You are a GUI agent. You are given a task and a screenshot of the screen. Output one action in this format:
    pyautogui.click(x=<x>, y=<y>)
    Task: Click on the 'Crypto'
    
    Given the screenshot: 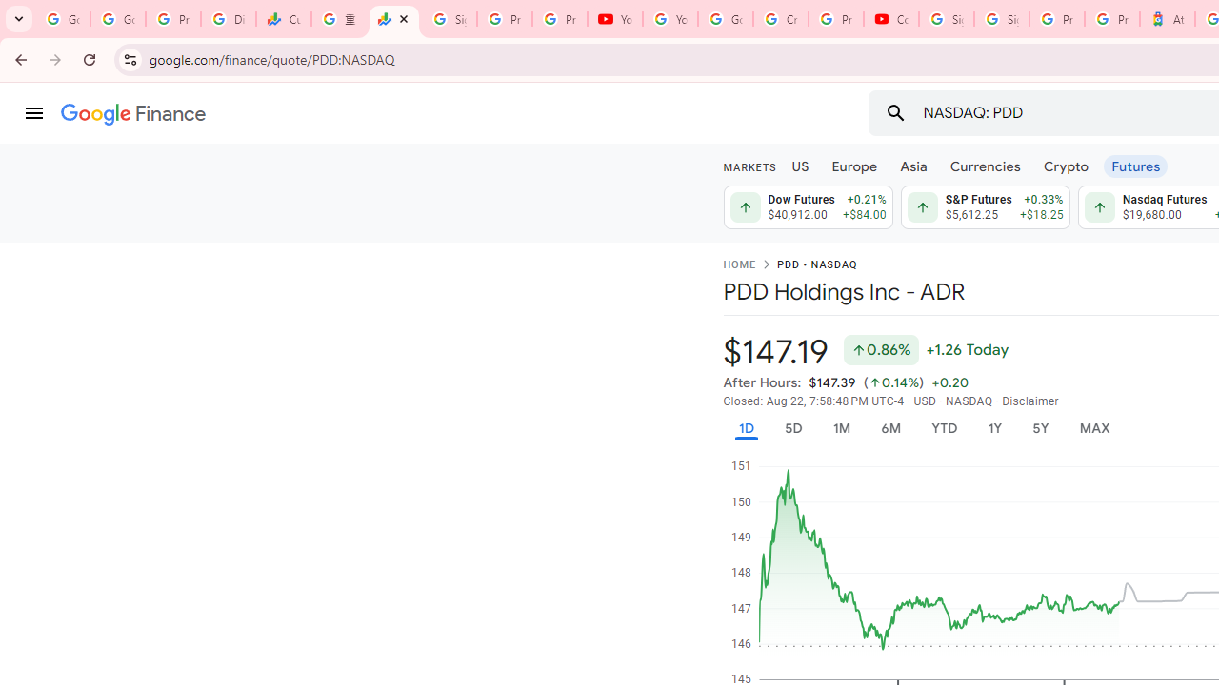 What is the action you would take?
    pyautogui.click(x=1065, y=165)
    